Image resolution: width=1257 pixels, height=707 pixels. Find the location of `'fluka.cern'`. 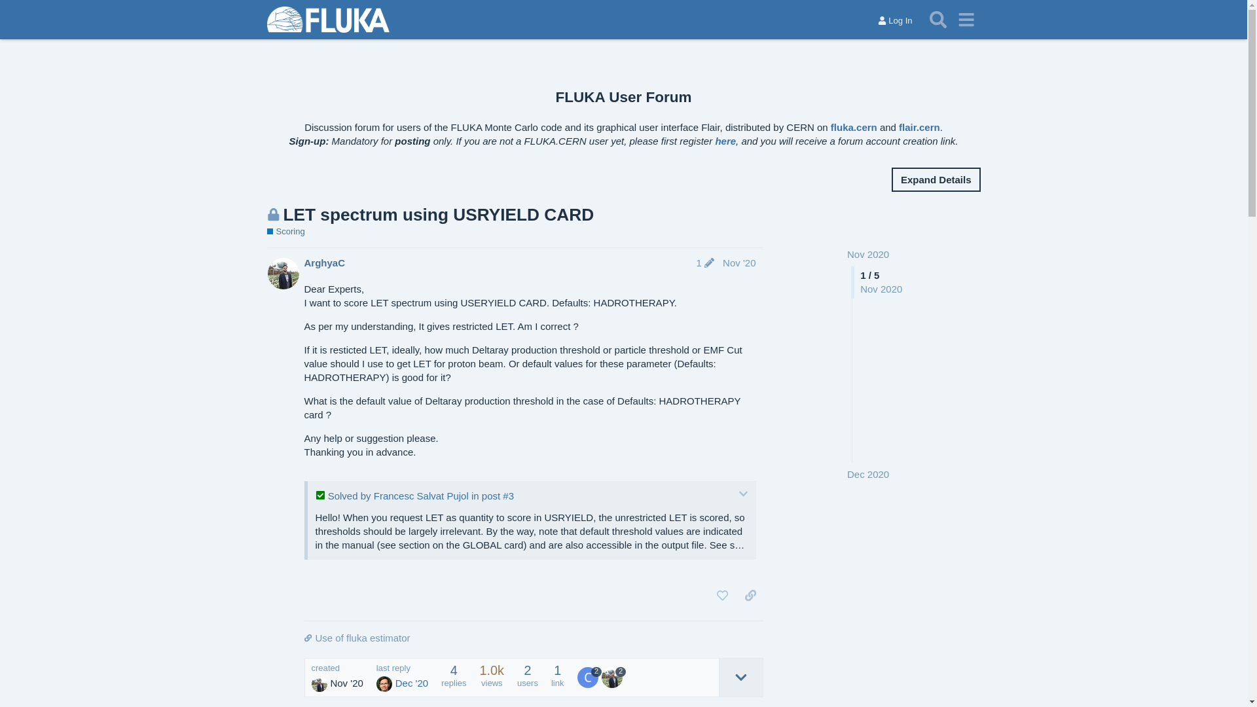

'fluka.cern' is located at coordinates (854, 127).